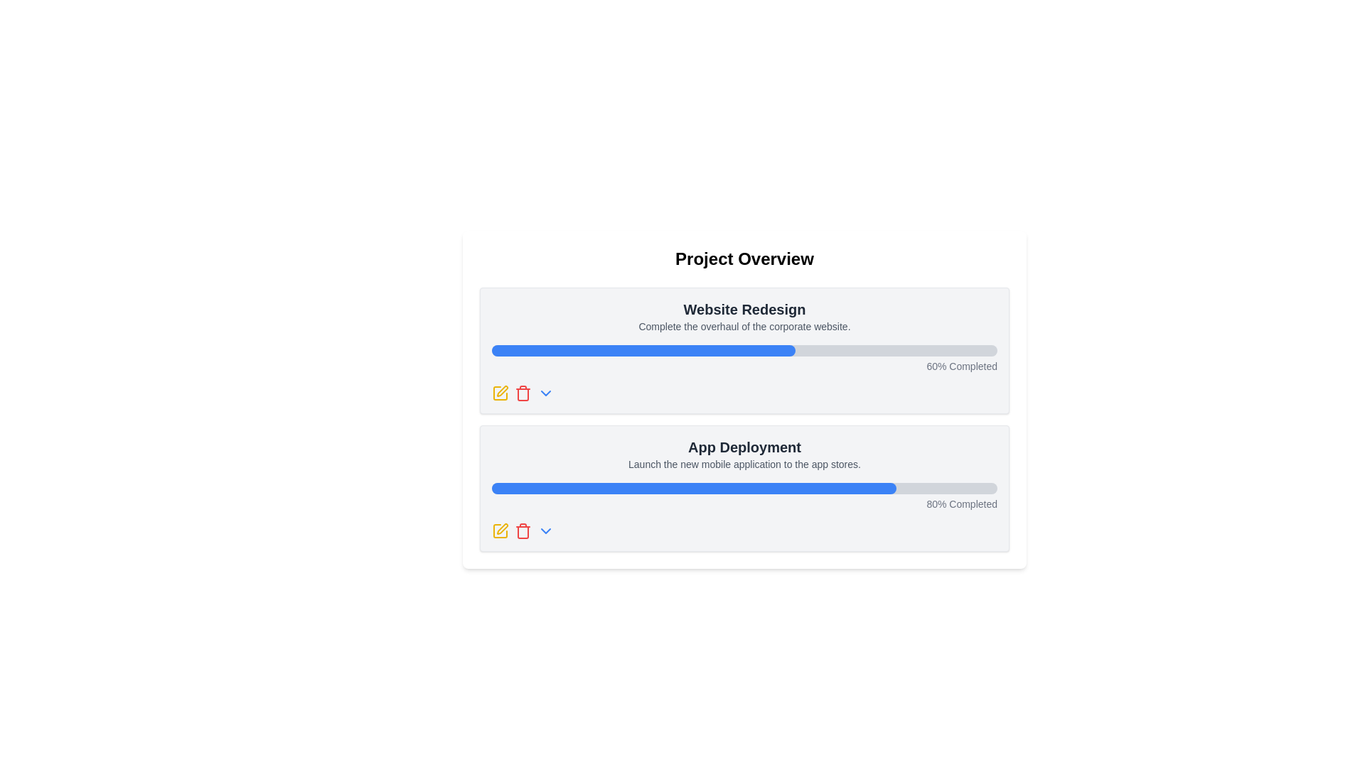 The width and height of the screenshot is (1365, 767). What do you see at coordinates (502, 528) in the screenshot?
I see `the icon button resembling a pen or pencil` at bounding box center [502, 528].